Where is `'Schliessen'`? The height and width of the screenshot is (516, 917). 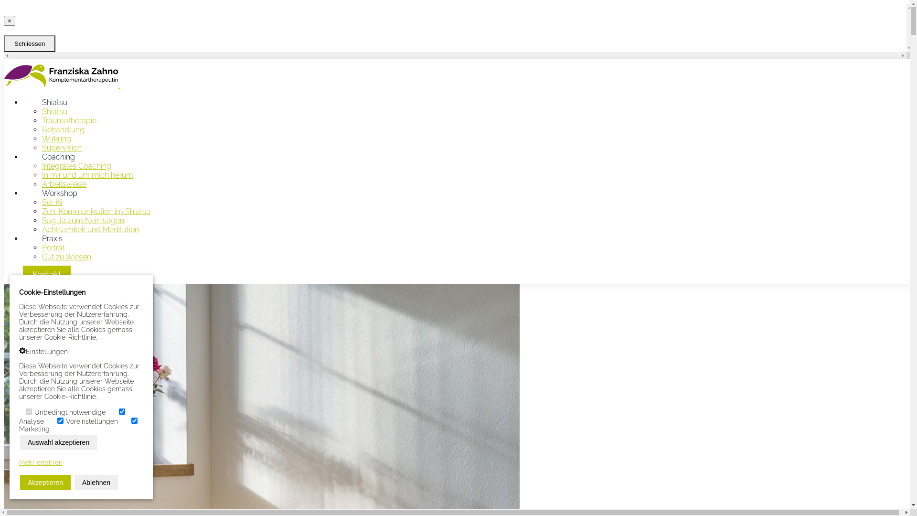
'Schliessen' is located at coordinates (30, 43).